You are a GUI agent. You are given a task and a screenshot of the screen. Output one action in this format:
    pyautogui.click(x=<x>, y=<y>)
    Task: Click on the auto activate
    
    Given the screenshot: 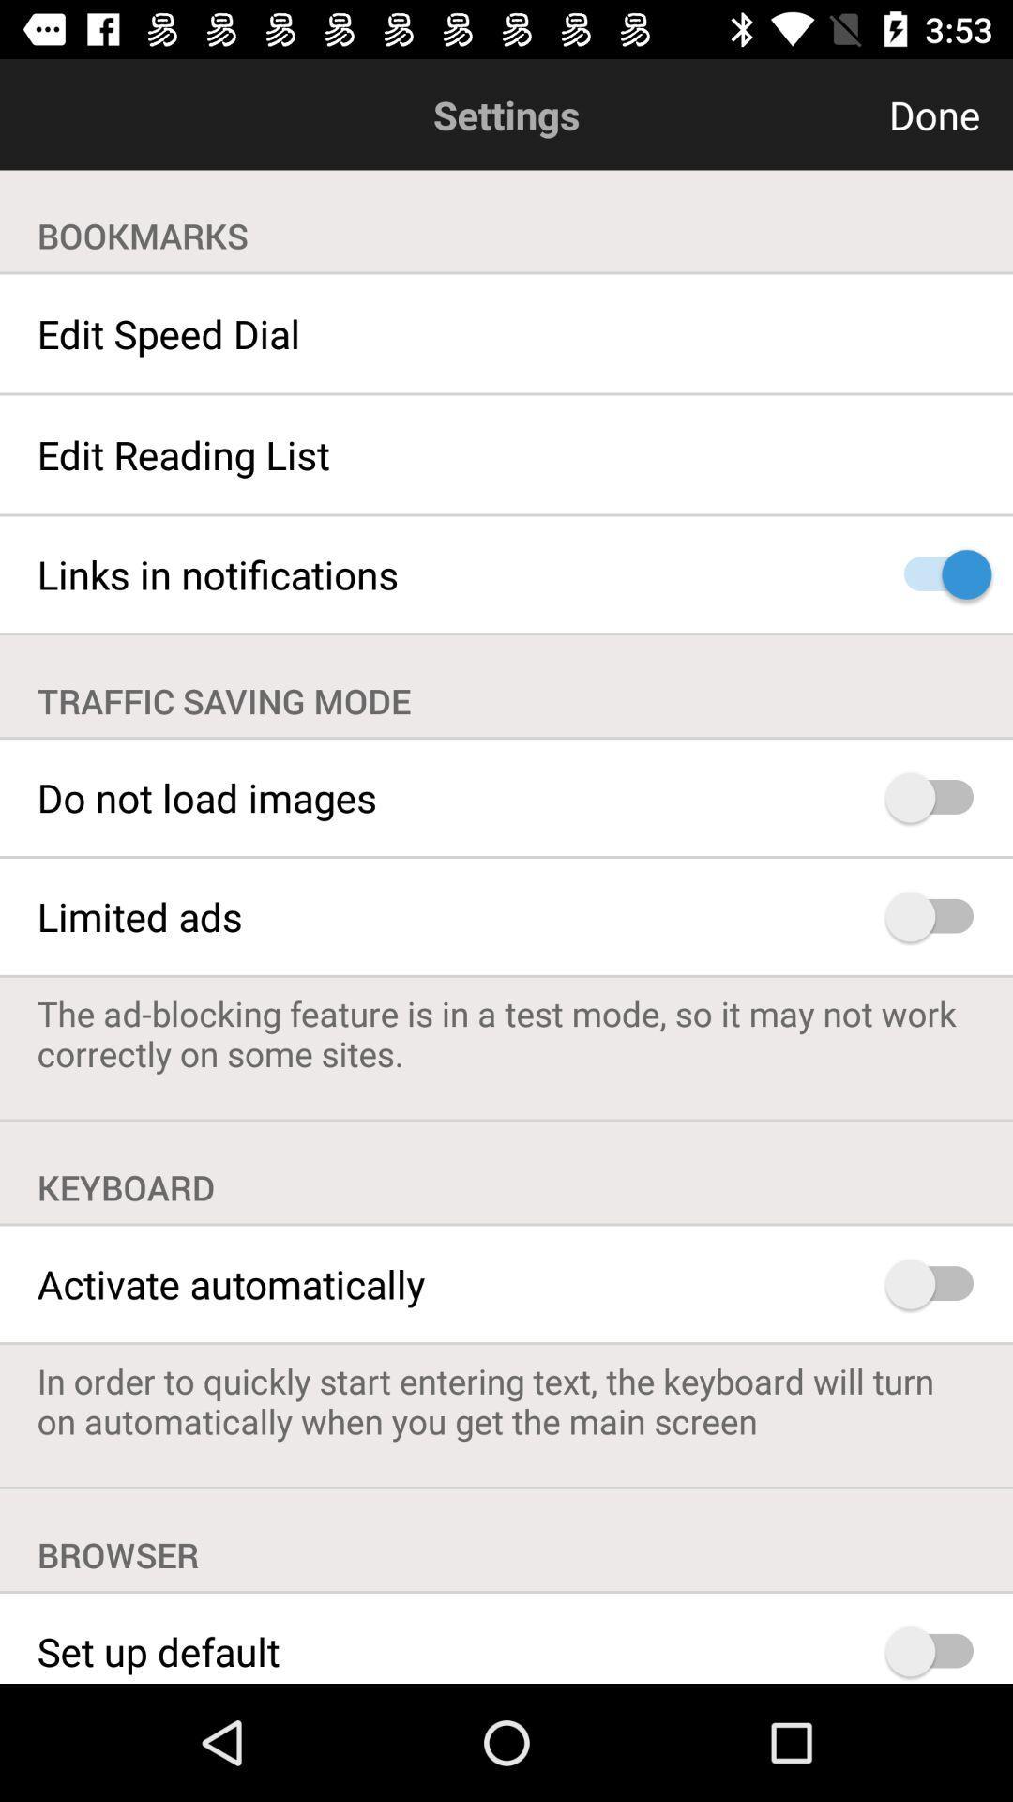 What is the action you would take?
    pyautogui.click(x=938, y=1283)
    